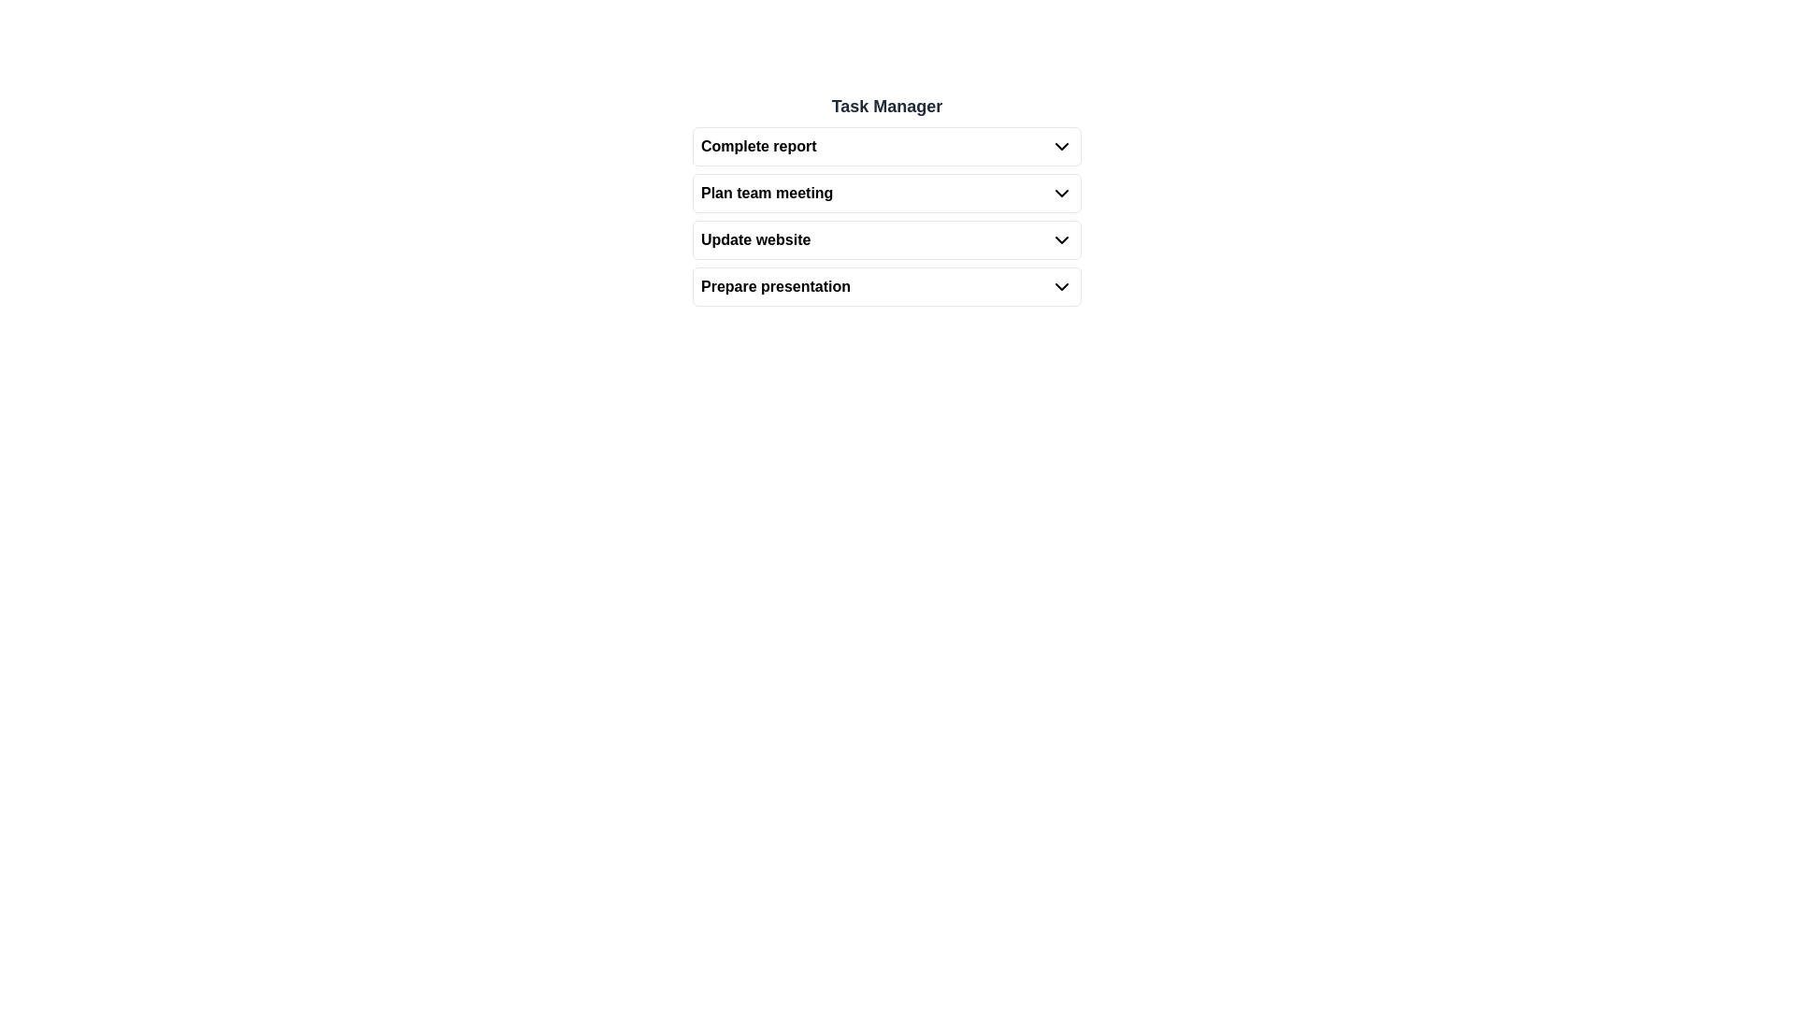 The image size is (1795, 1010). What do you see at coordinates (886, 146) in the screenshot?
I see `the 'Complete report' button in the 'Task Manager' list` at bounding box center [886, 146].